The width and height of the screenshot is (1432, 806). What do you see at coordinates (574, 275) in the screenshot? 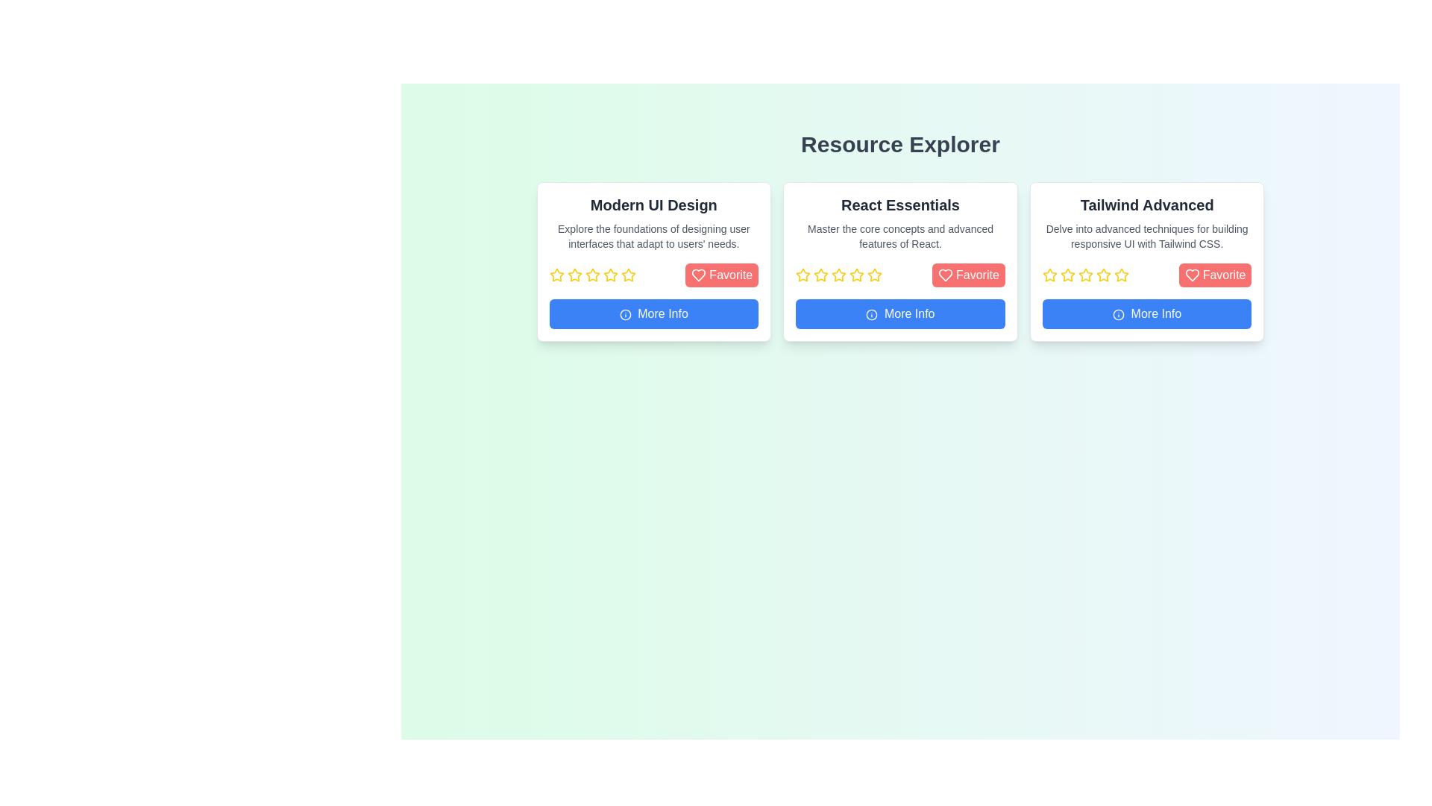
I see `the third yellow outlined star icon in the rating row under the 'Modern UI Design' card to rate the item` at bounding box center [574, 275].